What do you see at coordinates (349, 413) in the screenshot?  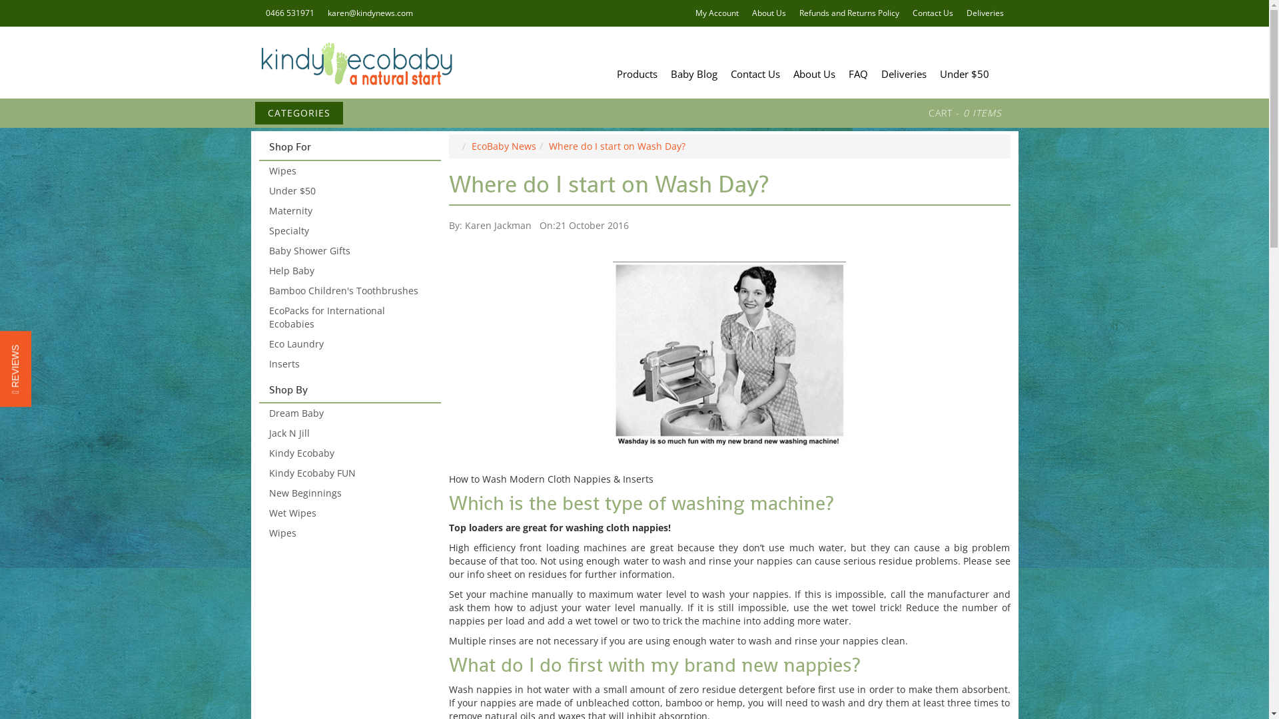 I see `'Dream Baby'` at bounding box center [349, 413].